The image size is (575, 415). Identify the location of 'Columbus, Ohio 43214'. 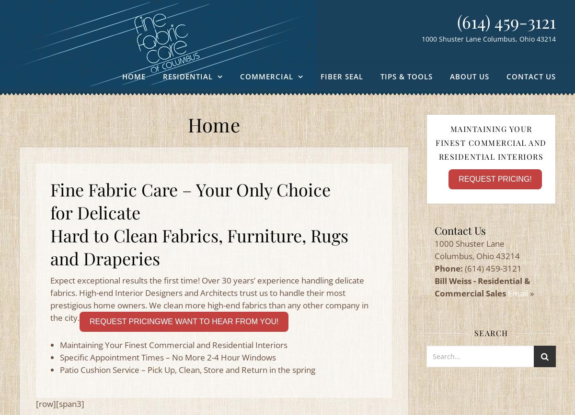
(477, 256).